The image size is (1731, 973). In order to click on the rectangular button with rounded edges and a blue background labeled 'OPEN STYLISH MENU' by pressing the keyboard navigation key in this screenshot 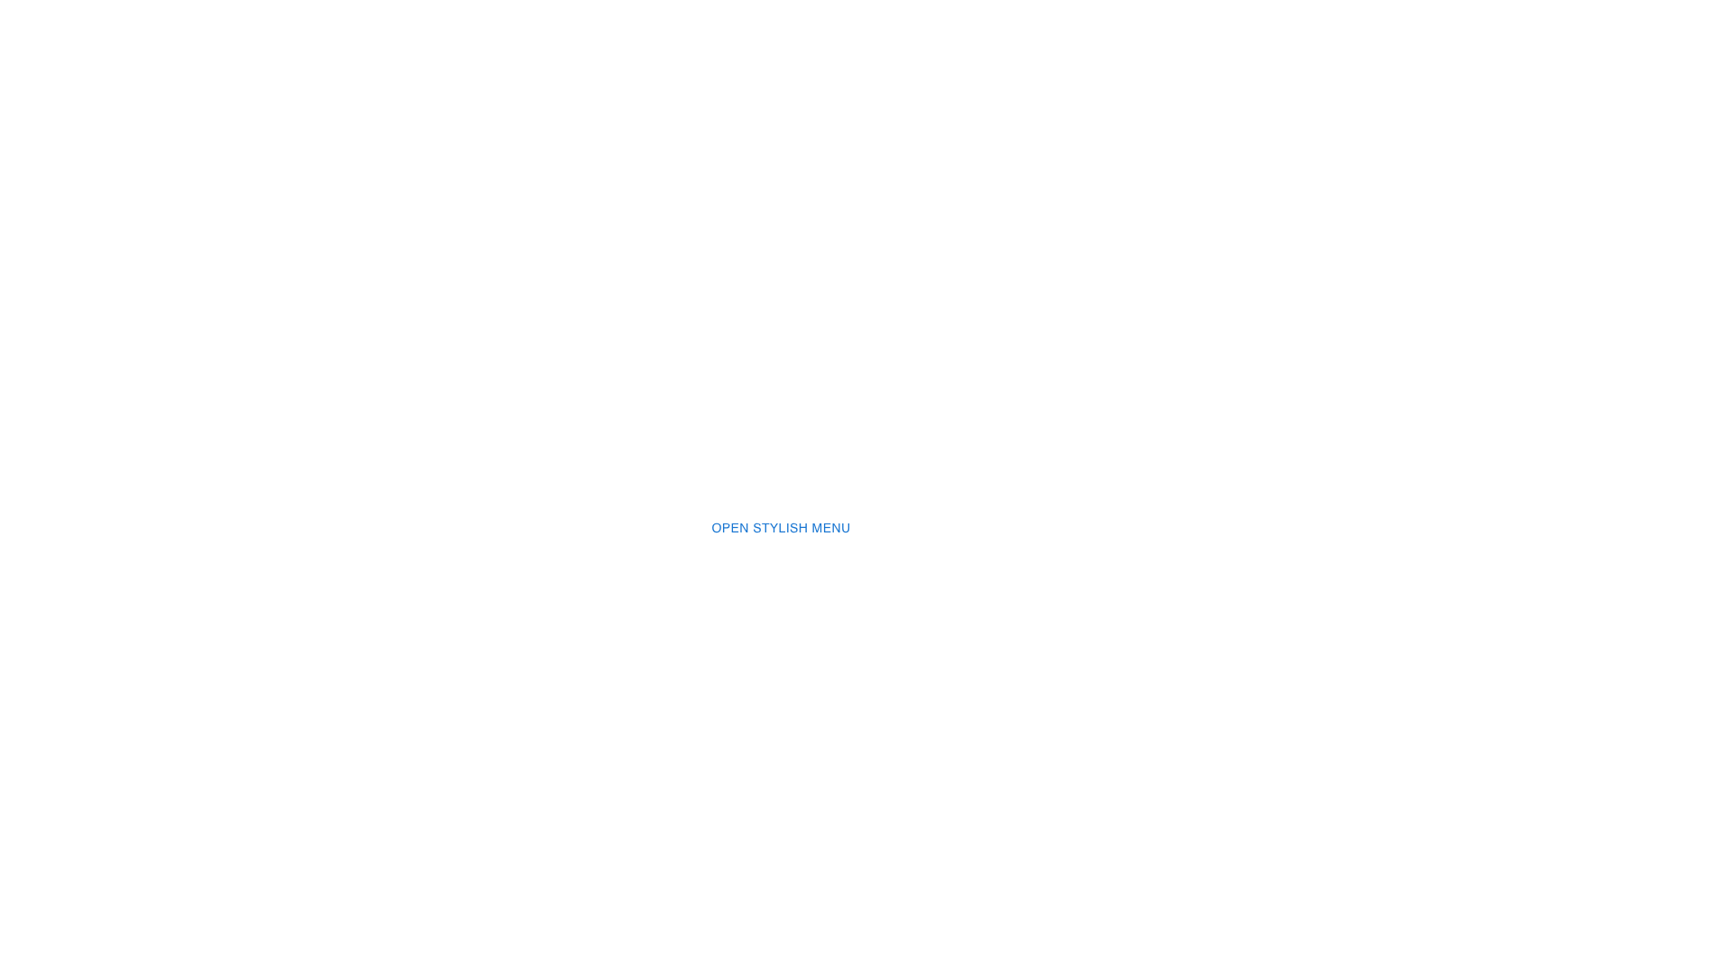, I will do `click(781, 527)`.